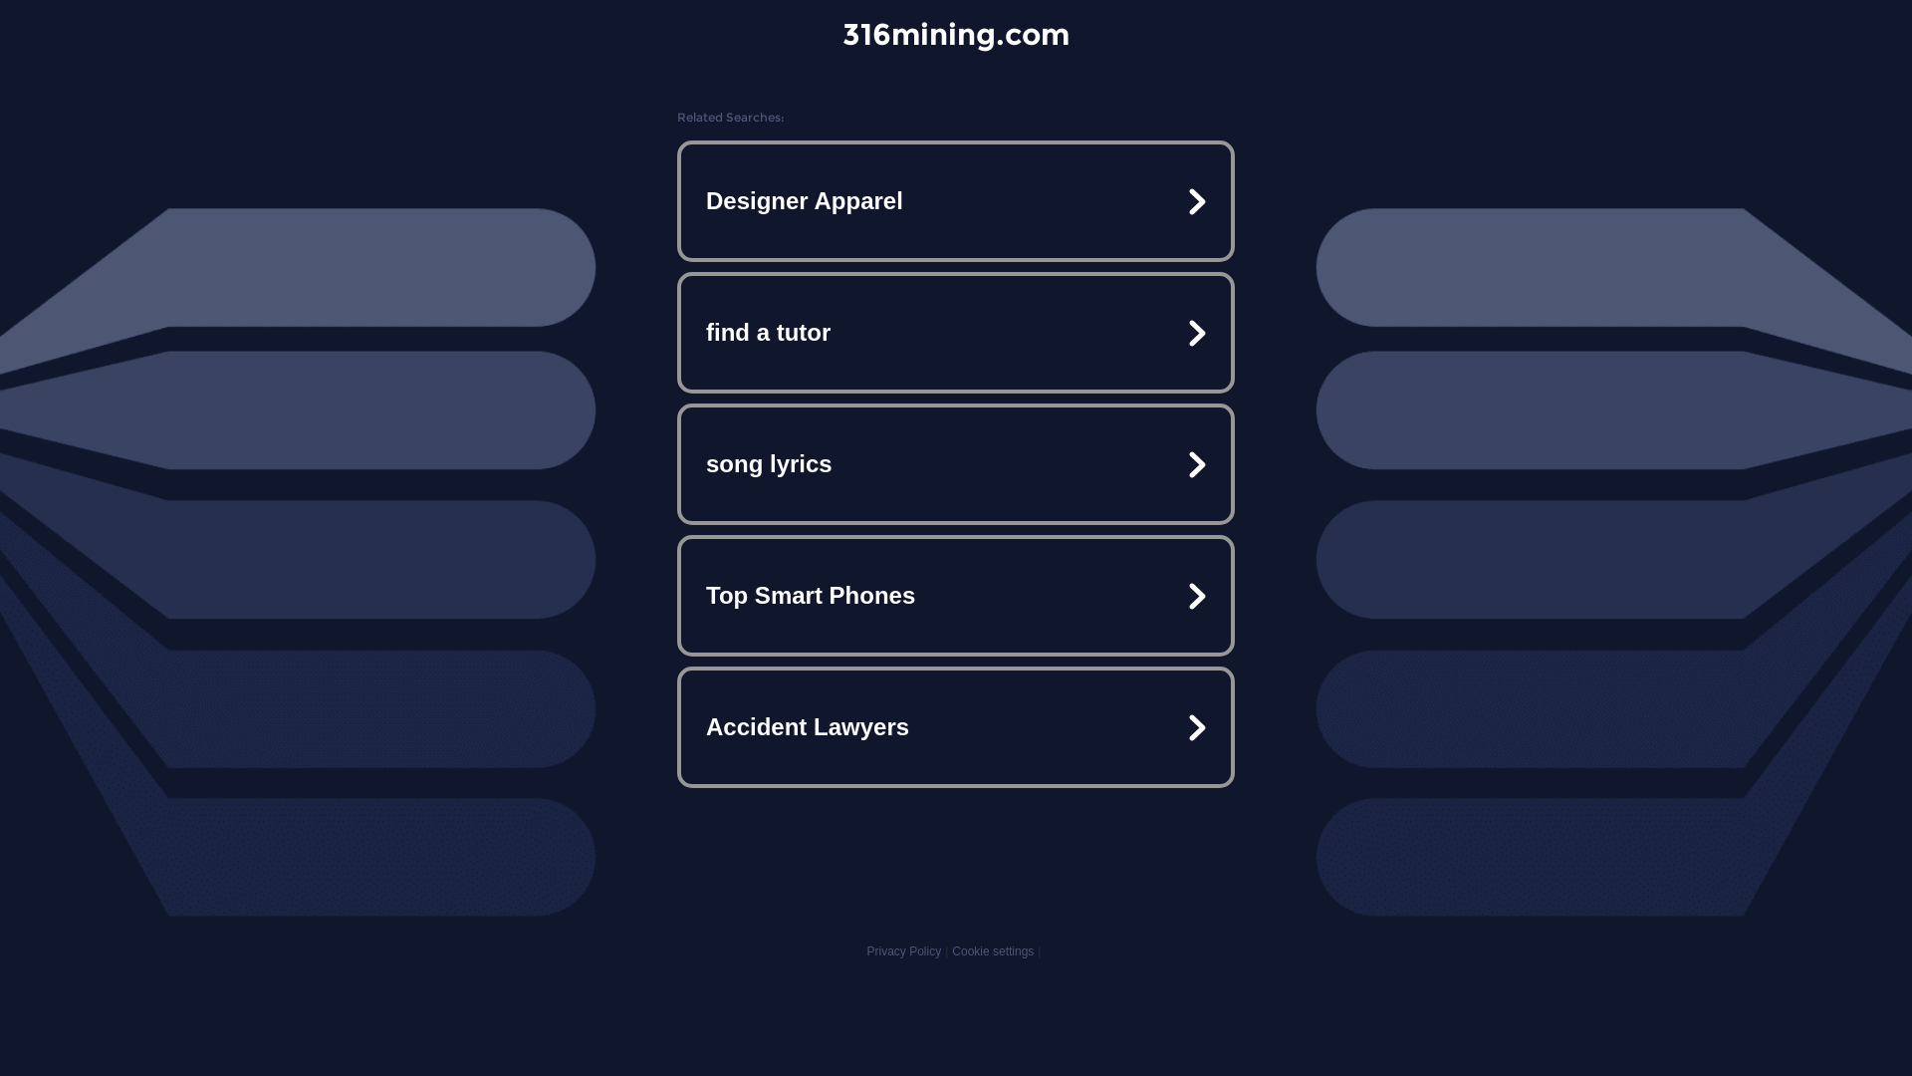 Image resolution: width=1912 pixels, height=1076 pixels. What do you see at coordinates (956, 464) in the screenshot?
I see `'song lyrics'` at bounding box center [956, 464].